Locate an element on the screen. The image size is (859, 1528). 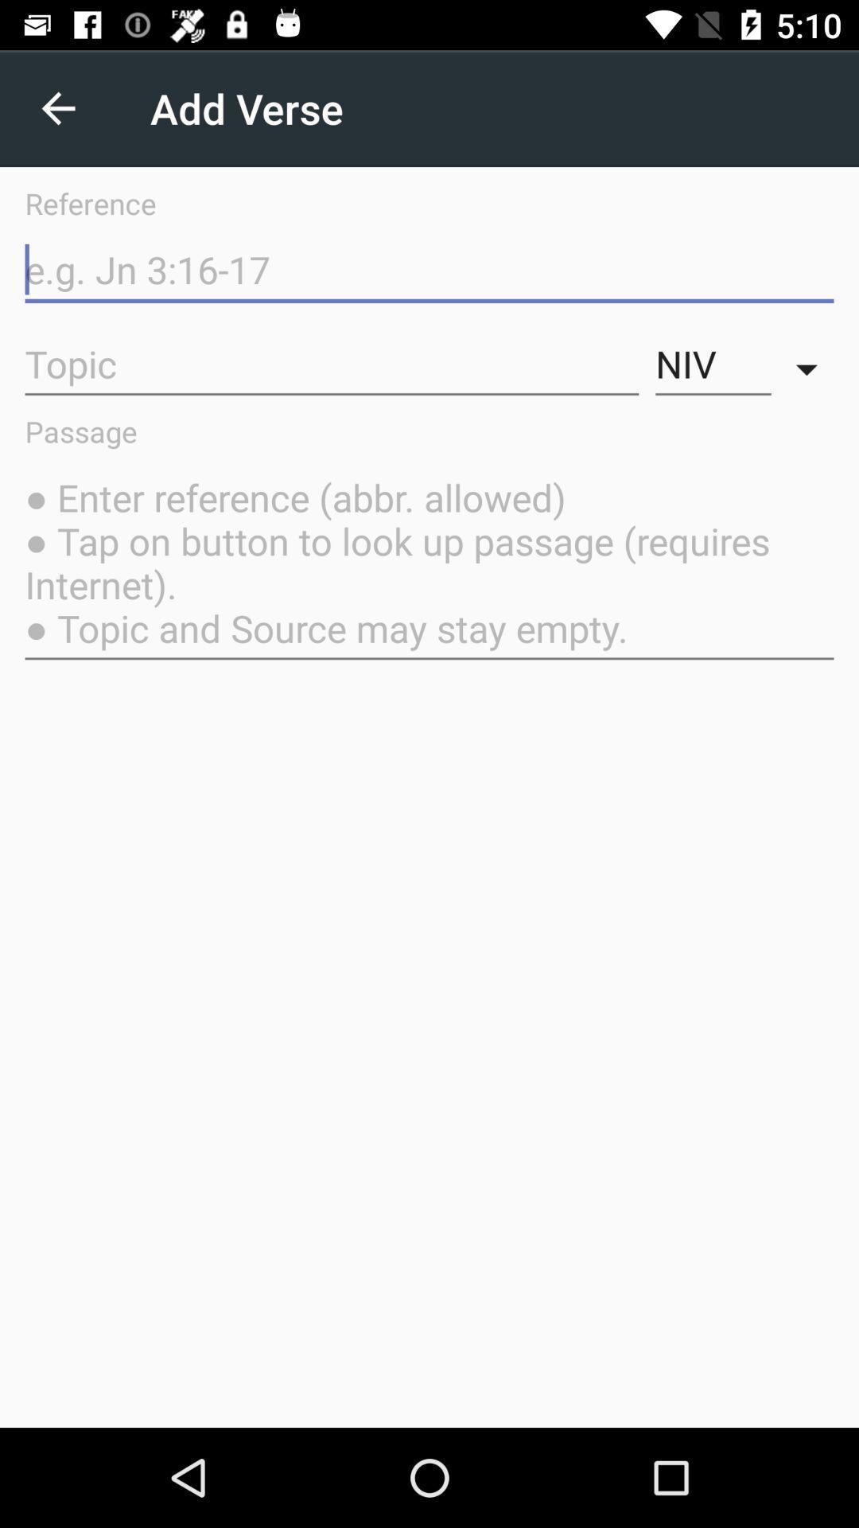
the item above reference icon is located at coordinates (57, 107).